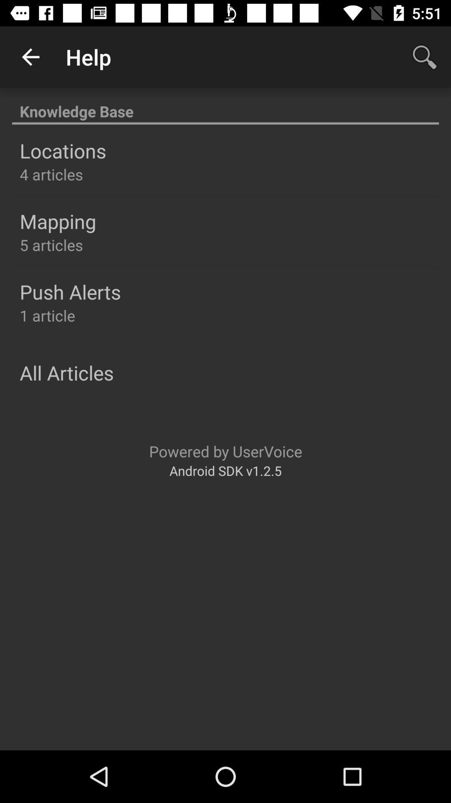 This screenshot has width=451, height=803. What do you see at coordinates (425, 56) in the screenshot?
I see `icon next to the help icon` at bounding box center [425, 56].